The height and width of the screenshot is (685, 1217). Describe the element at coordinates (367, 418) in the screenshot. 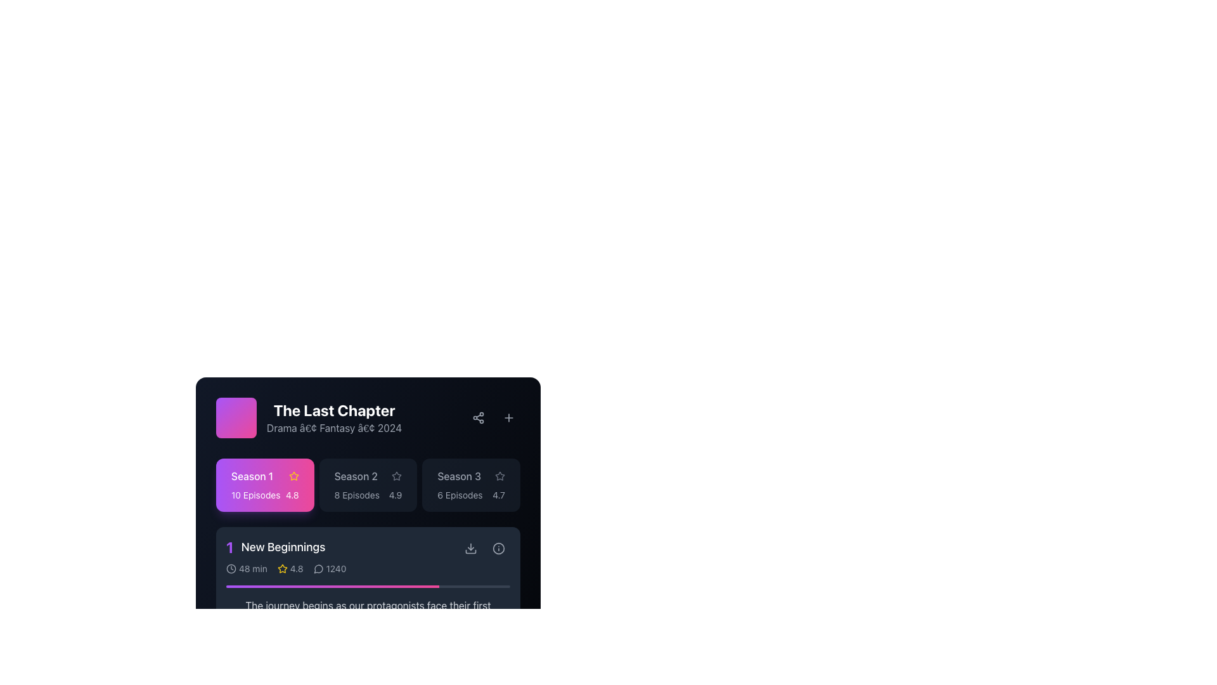

I see `the header element titled 'The Last Chapter' which contains decorative and interactive elements` at that location.